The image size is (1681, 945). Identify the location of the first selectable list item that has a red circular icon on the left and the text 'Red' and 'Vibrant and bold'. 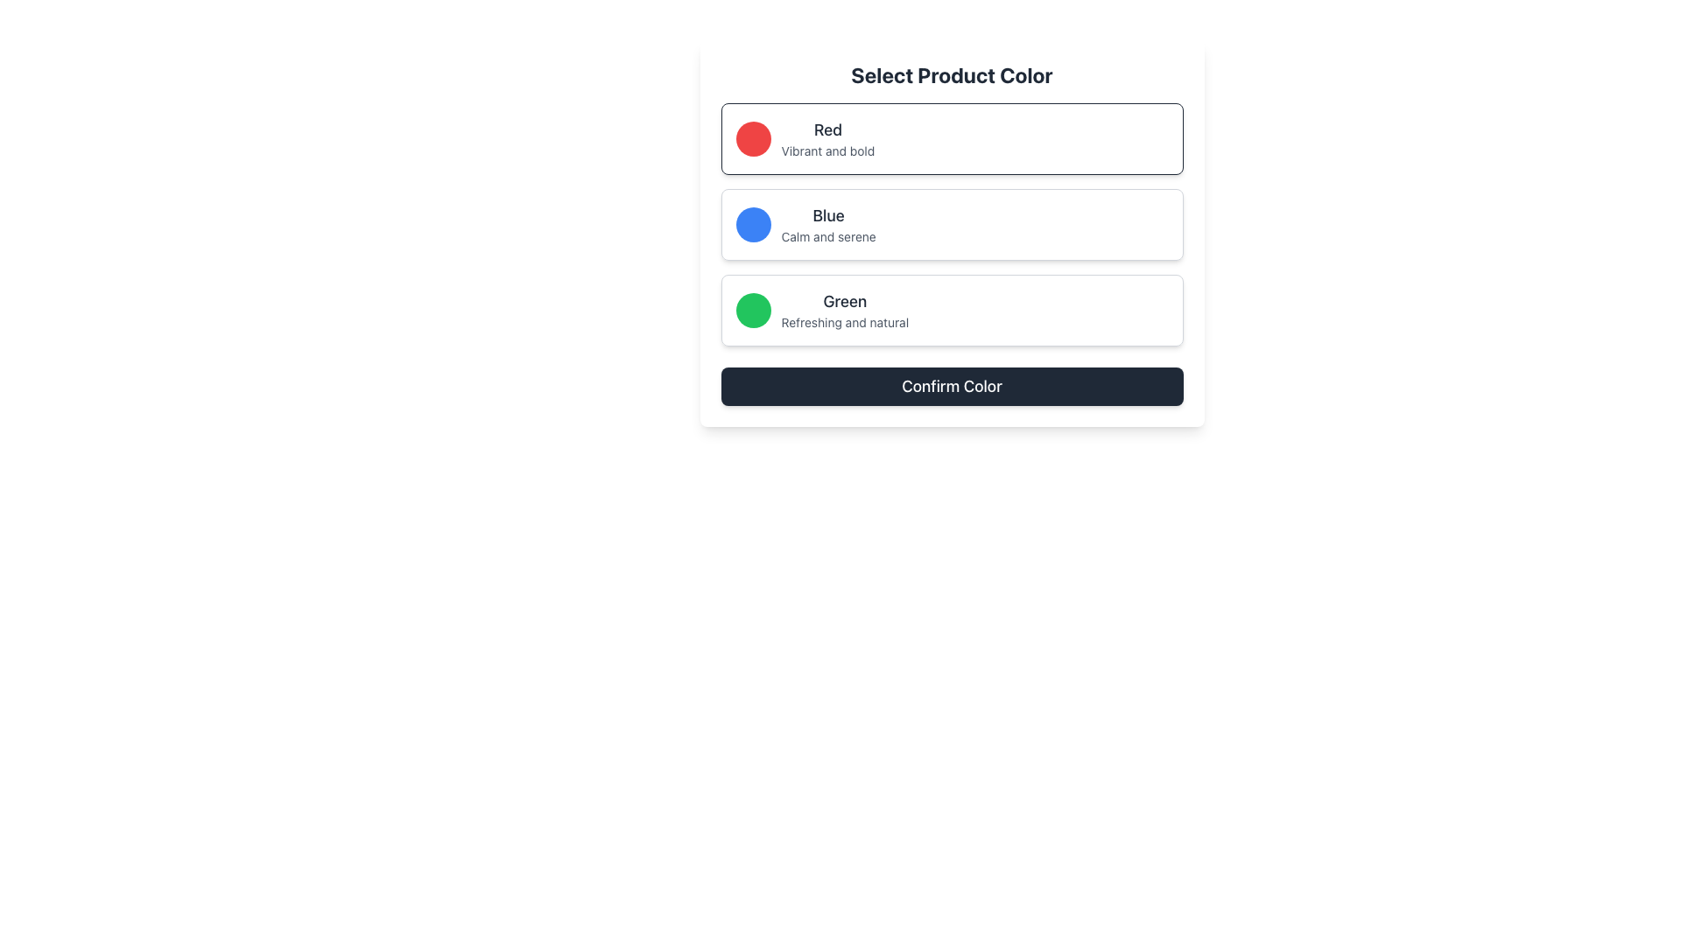
(951, 137).